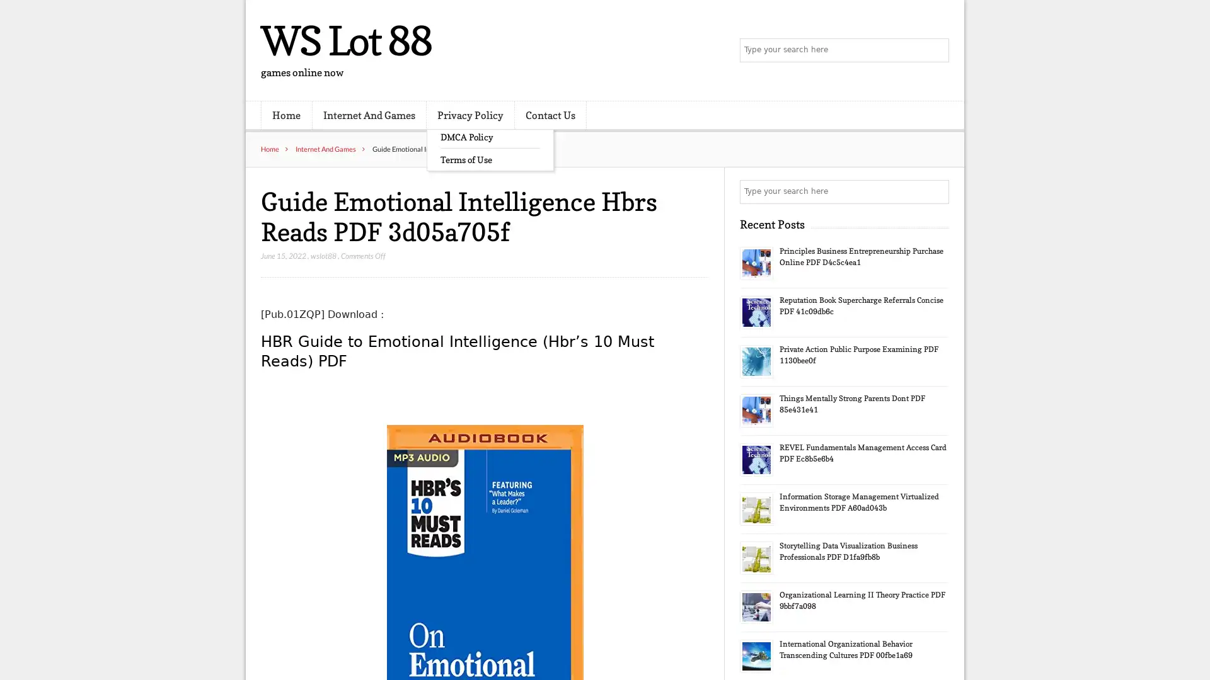  I want to click on Search, so click(936, 50).